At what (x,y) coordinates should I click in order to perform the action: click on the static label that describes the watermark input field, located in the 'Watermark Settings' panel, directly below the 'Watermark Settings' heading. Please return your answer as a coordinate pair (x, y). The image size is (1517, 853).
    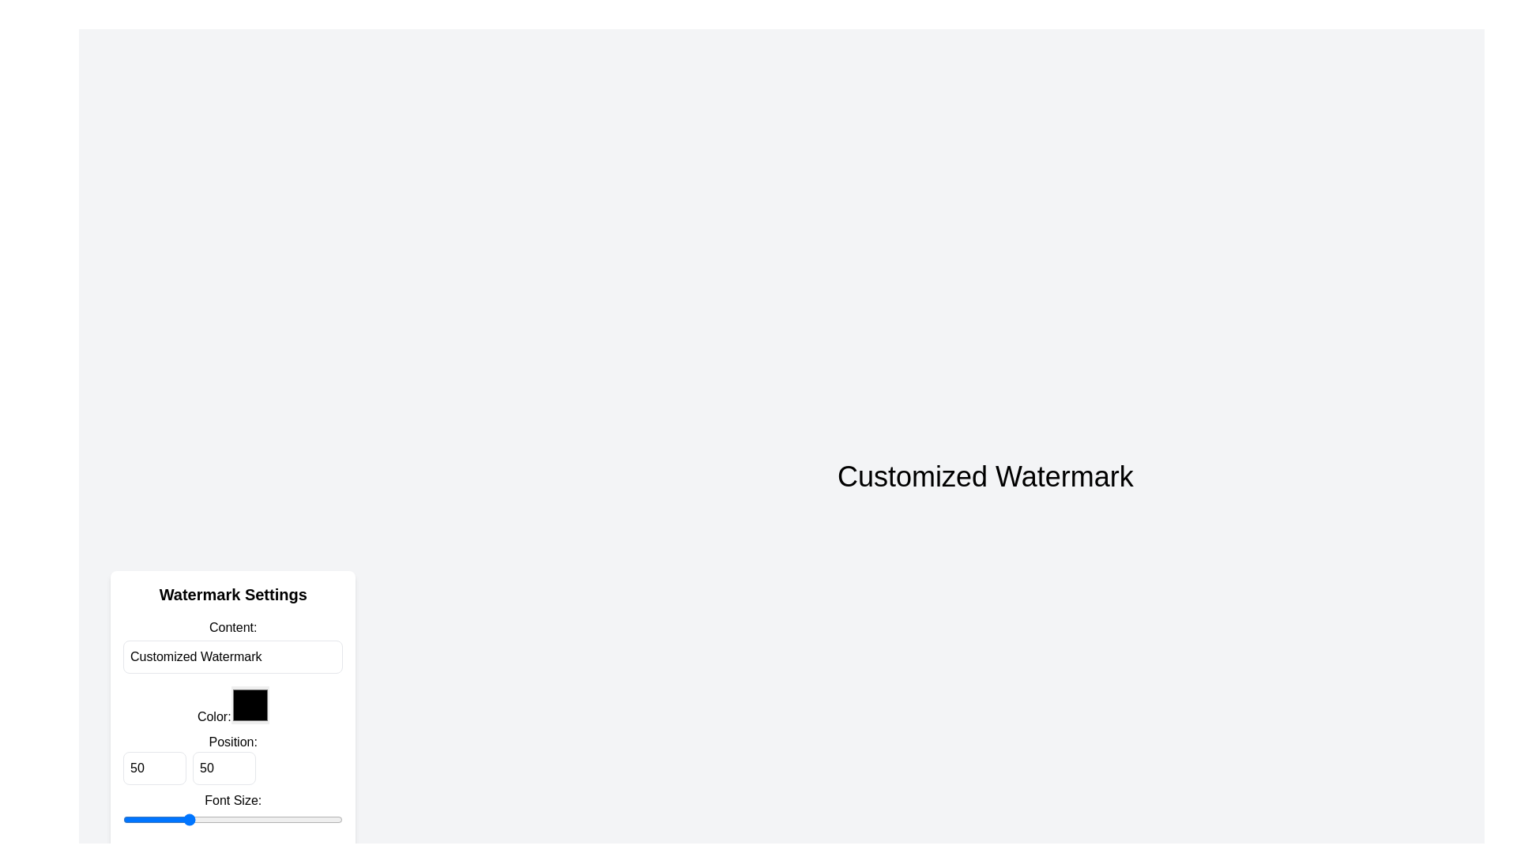
    Looking at the image, I should click on (232, 645).